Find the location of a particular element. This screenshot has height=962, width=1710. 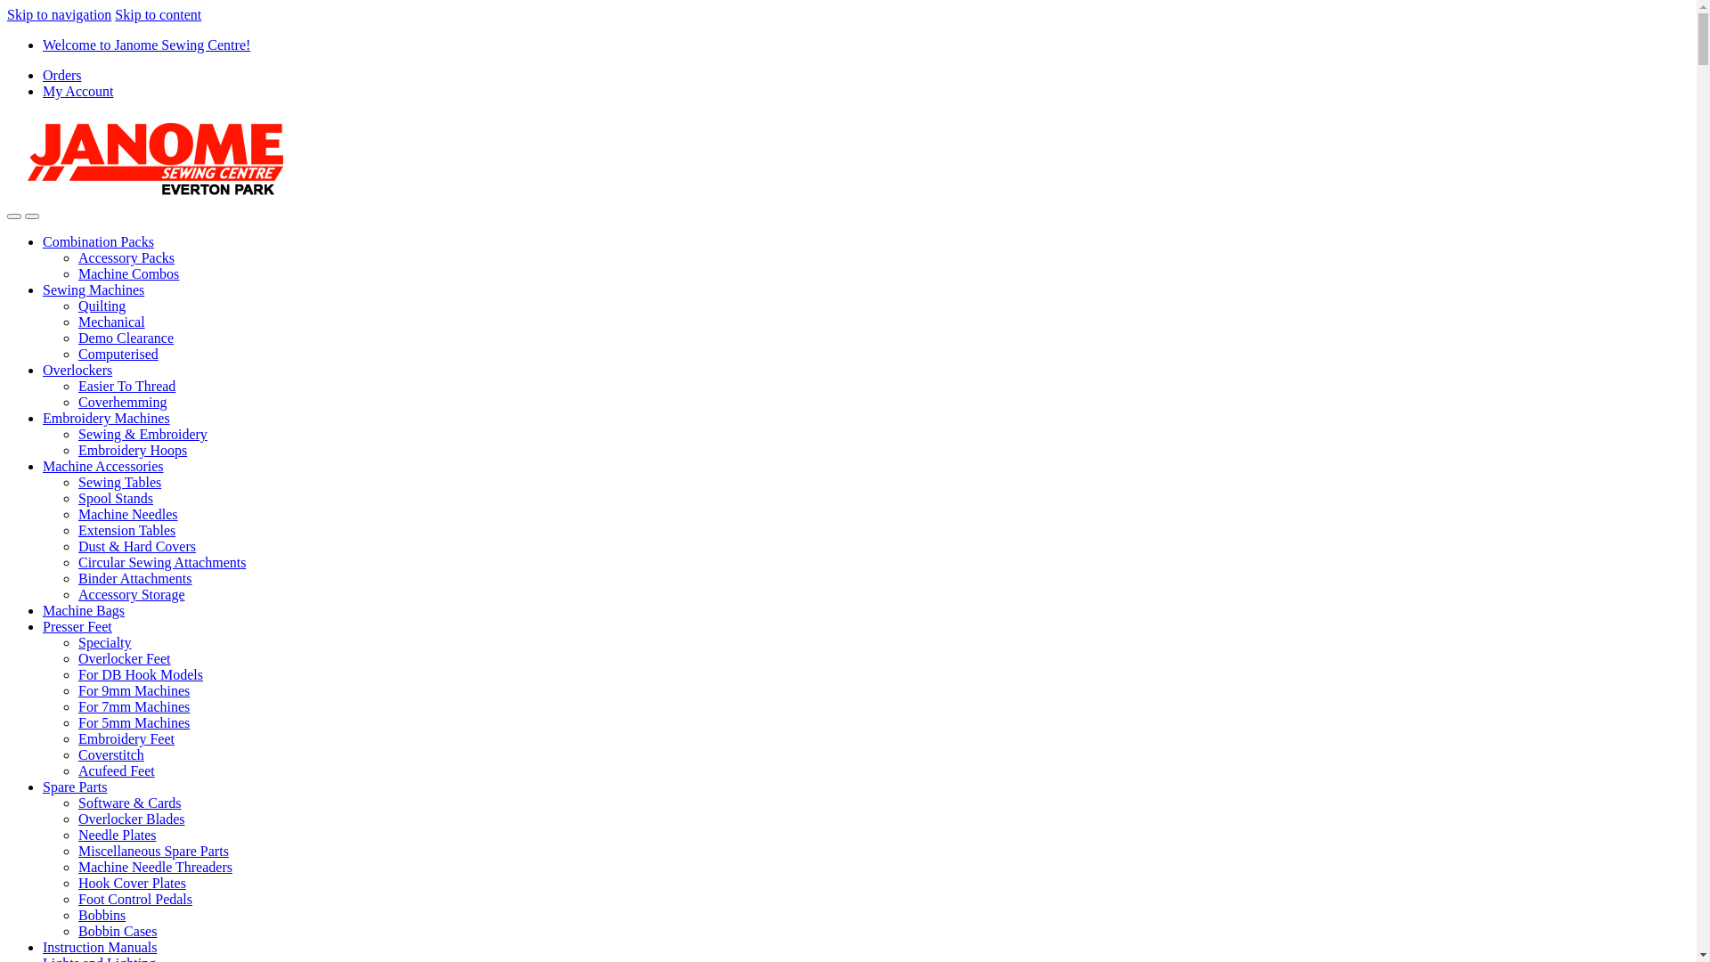

'Instruction Manuals' is located at coordinates (43, 946).